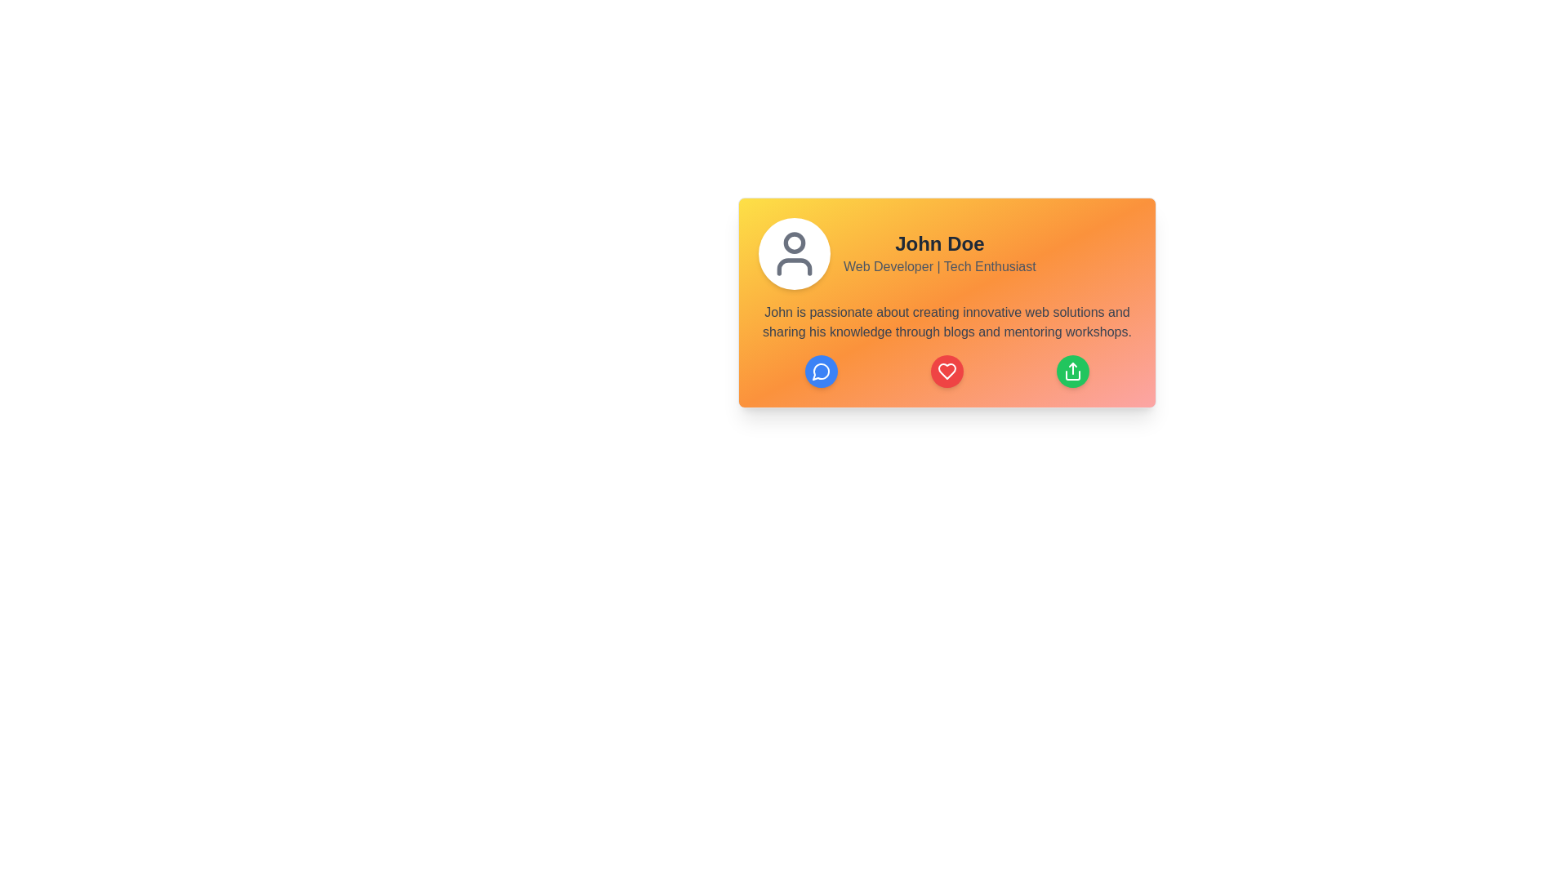 This screenshot has width=1568, height=882. What do you see at coordinates (939, 244) in the screenshot?
I see `the label that displays the individual's name at the top-left section of the card interface, right-aligned to a person icon` at bounding box center [939, 244].